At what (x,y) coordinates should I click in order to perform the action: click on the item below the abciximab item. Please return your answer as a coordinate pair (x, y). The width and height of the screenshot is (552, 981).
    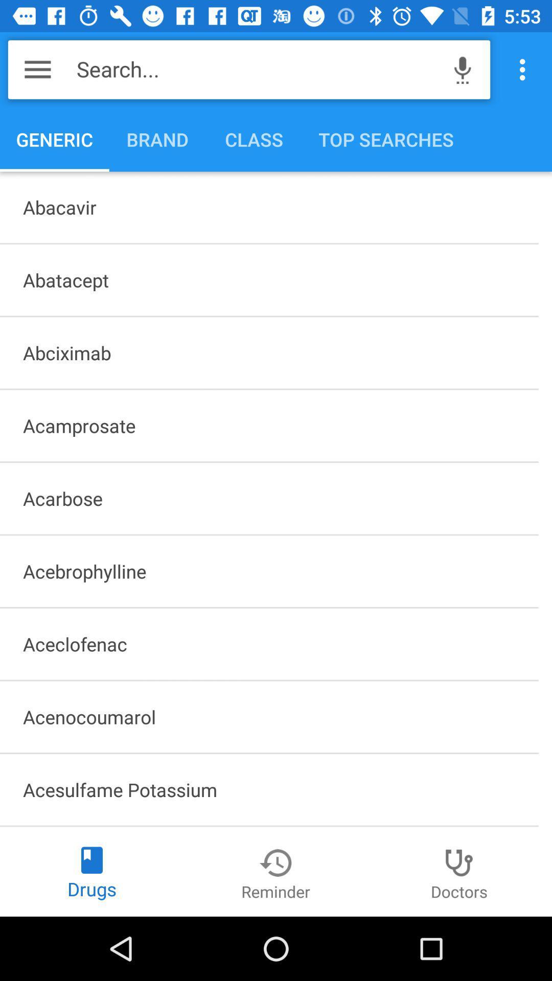
    Looking at the image, I should click on (268, 426).